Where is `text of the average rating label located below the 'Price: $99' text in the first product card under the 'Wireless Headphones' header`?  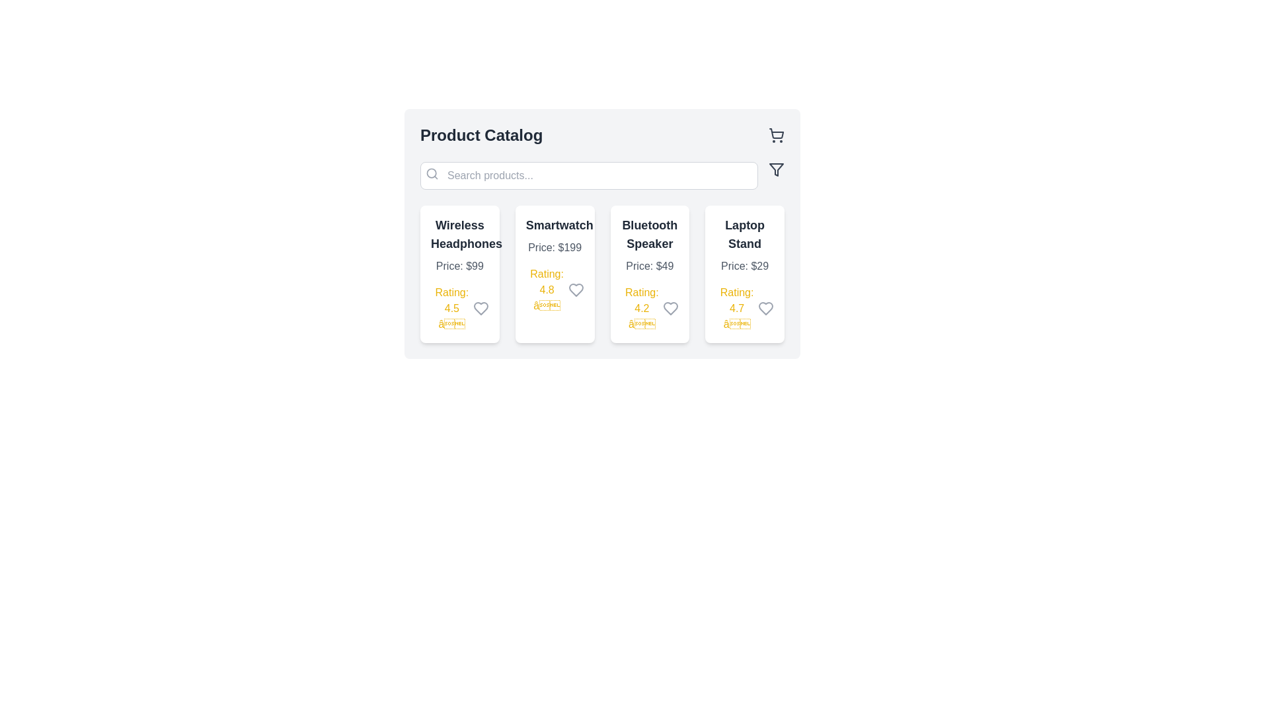
text of the average rating label located below the 'Price: $99' text in the first product card under the 'Wireless Headphones' header is located at coordinates (451, 308).